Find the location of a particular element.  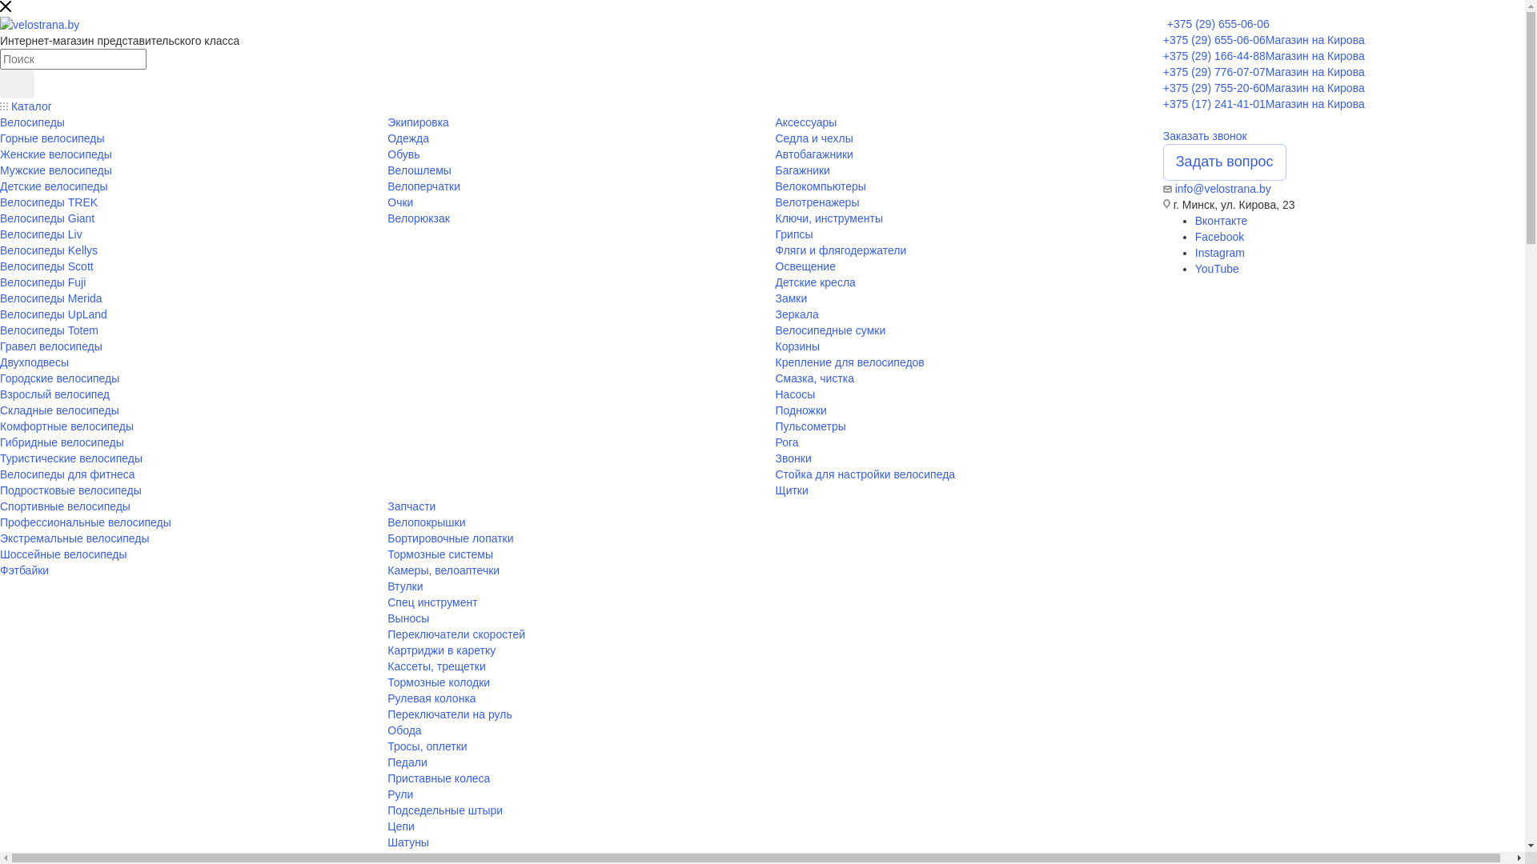

'velostrana.by' is located at coordinates (39, 24).